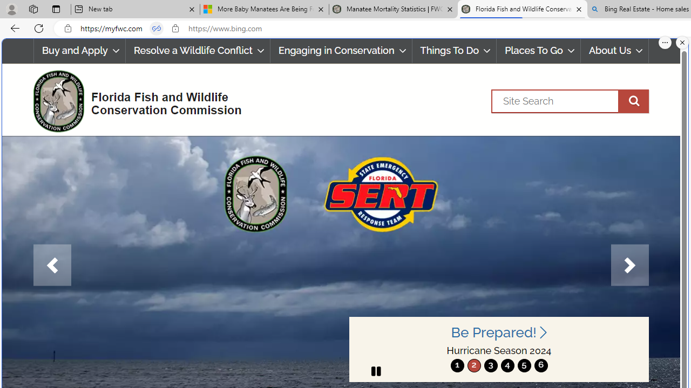 This screenshot has height=388, width=691. I want to click on 'Things To Do', so click(455, 51).